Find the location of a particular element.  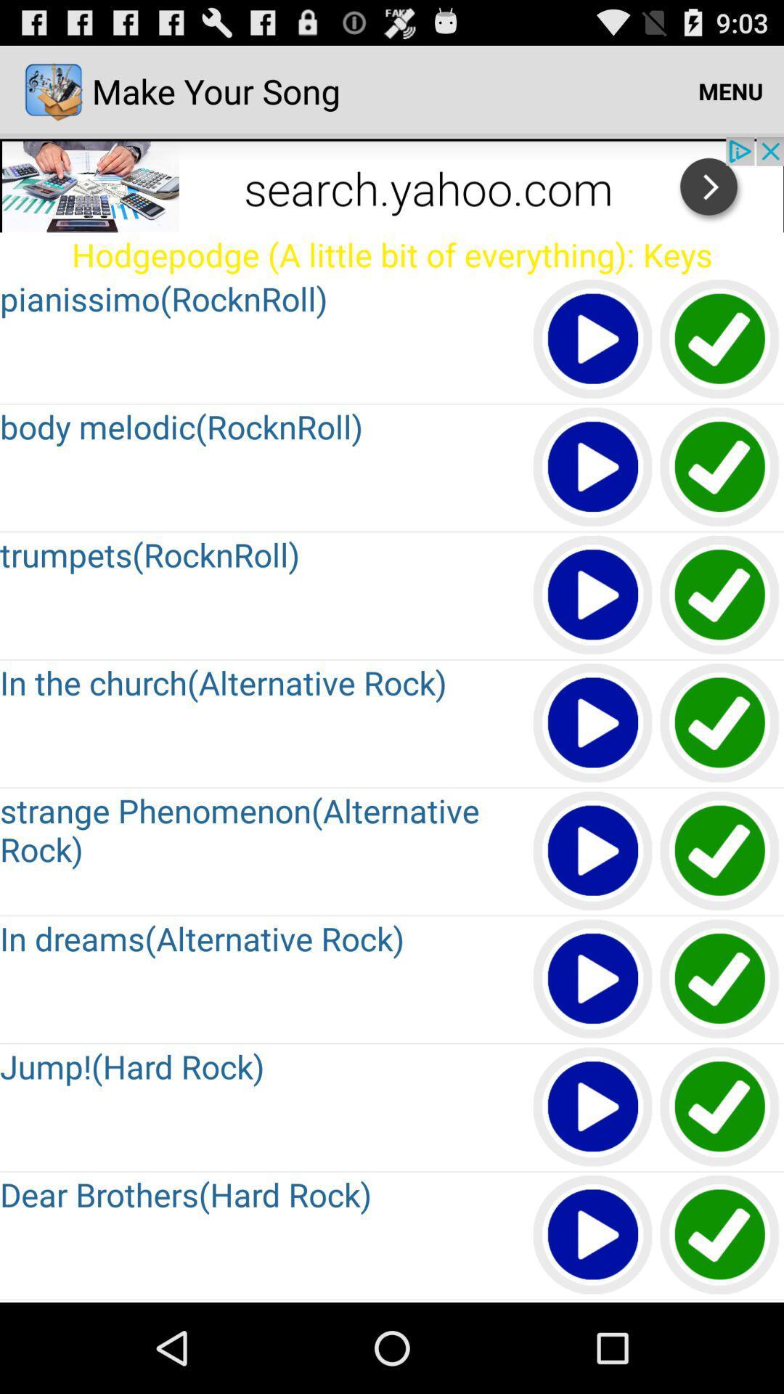

page is located at coordinates (593, 724).